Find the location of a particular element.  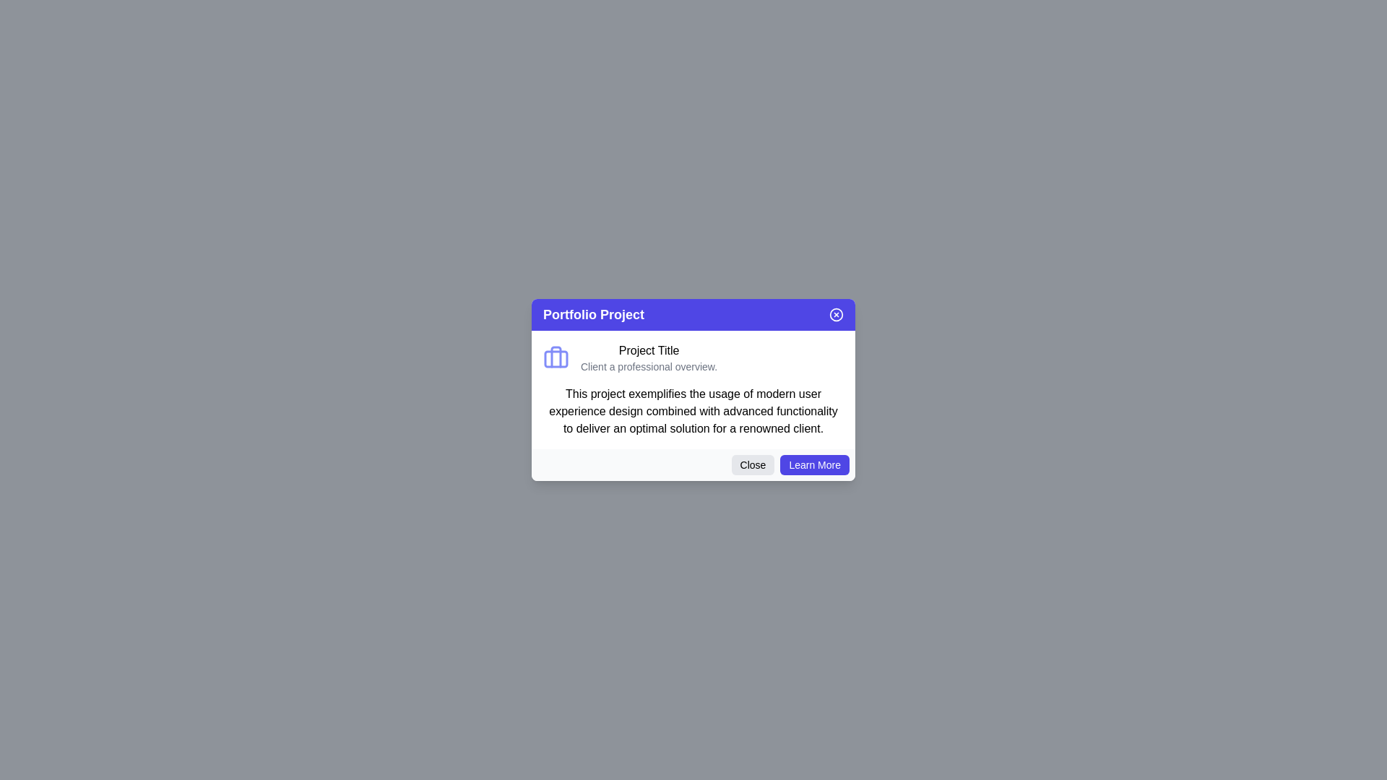

the text label providing supplementary information related to the title 'Project Title', positioned directly below it within the 'Portfolio Project' card interface is located at coordinates (648, 366).